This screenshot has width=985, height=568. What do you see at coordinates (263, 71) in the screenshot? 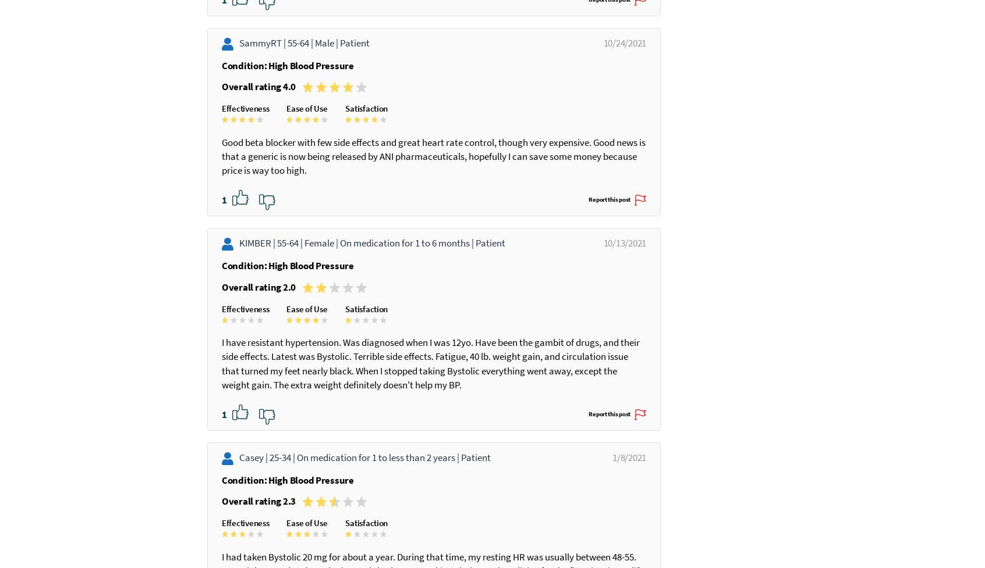
I see `'SammyRT |'` at bounding box center [263, 71].